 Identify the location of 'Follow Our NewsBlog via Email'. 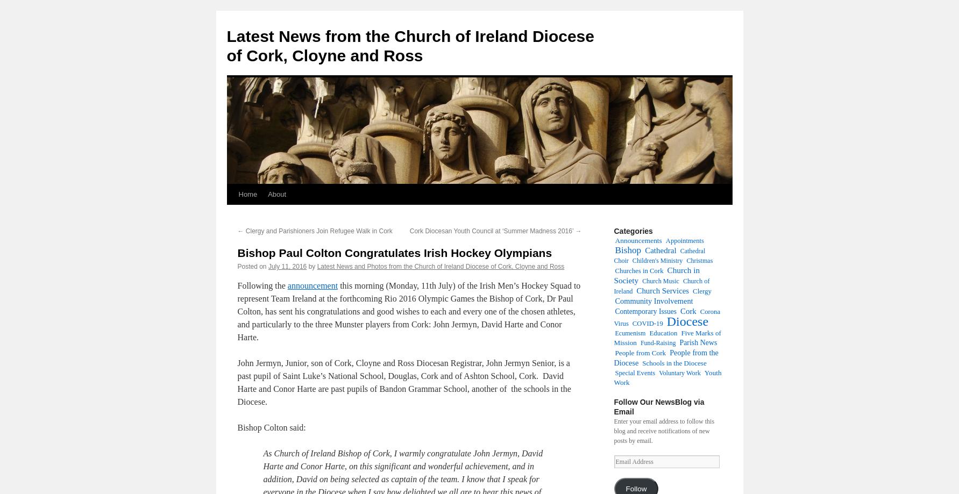
(658, 406).